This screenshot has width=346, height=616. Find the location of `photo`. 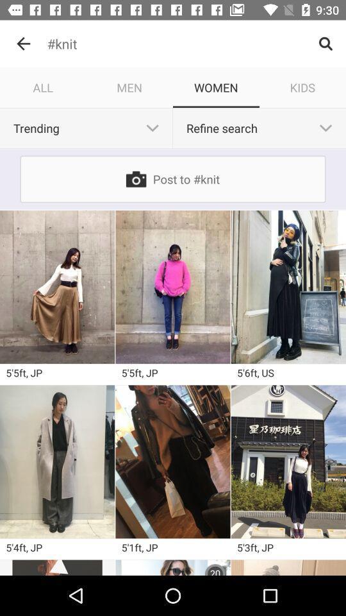

photo is located at coordinates (288, 287).